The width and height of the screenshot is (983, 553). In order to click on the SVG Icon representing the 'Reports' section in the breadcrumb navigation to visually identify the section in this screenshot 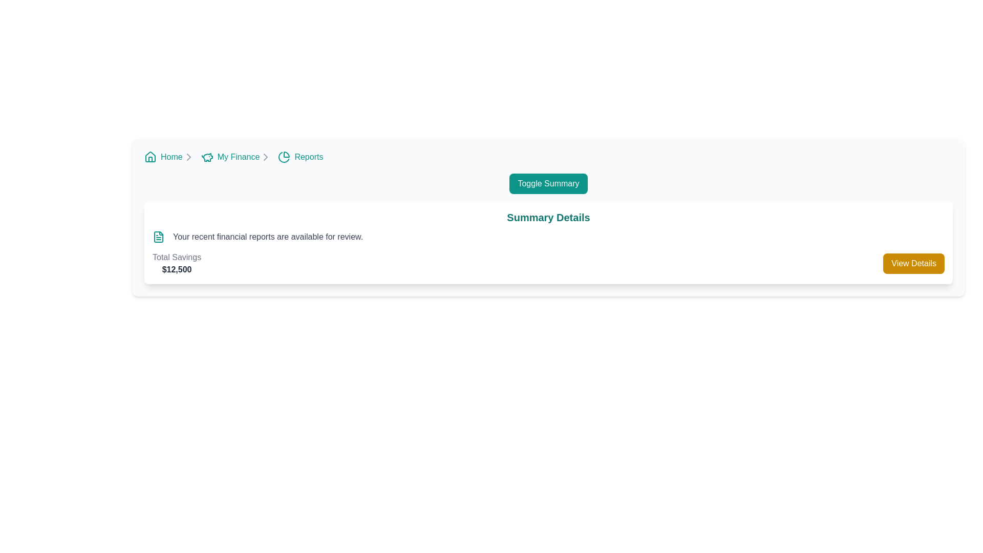, I will do `click(284, 157)`.